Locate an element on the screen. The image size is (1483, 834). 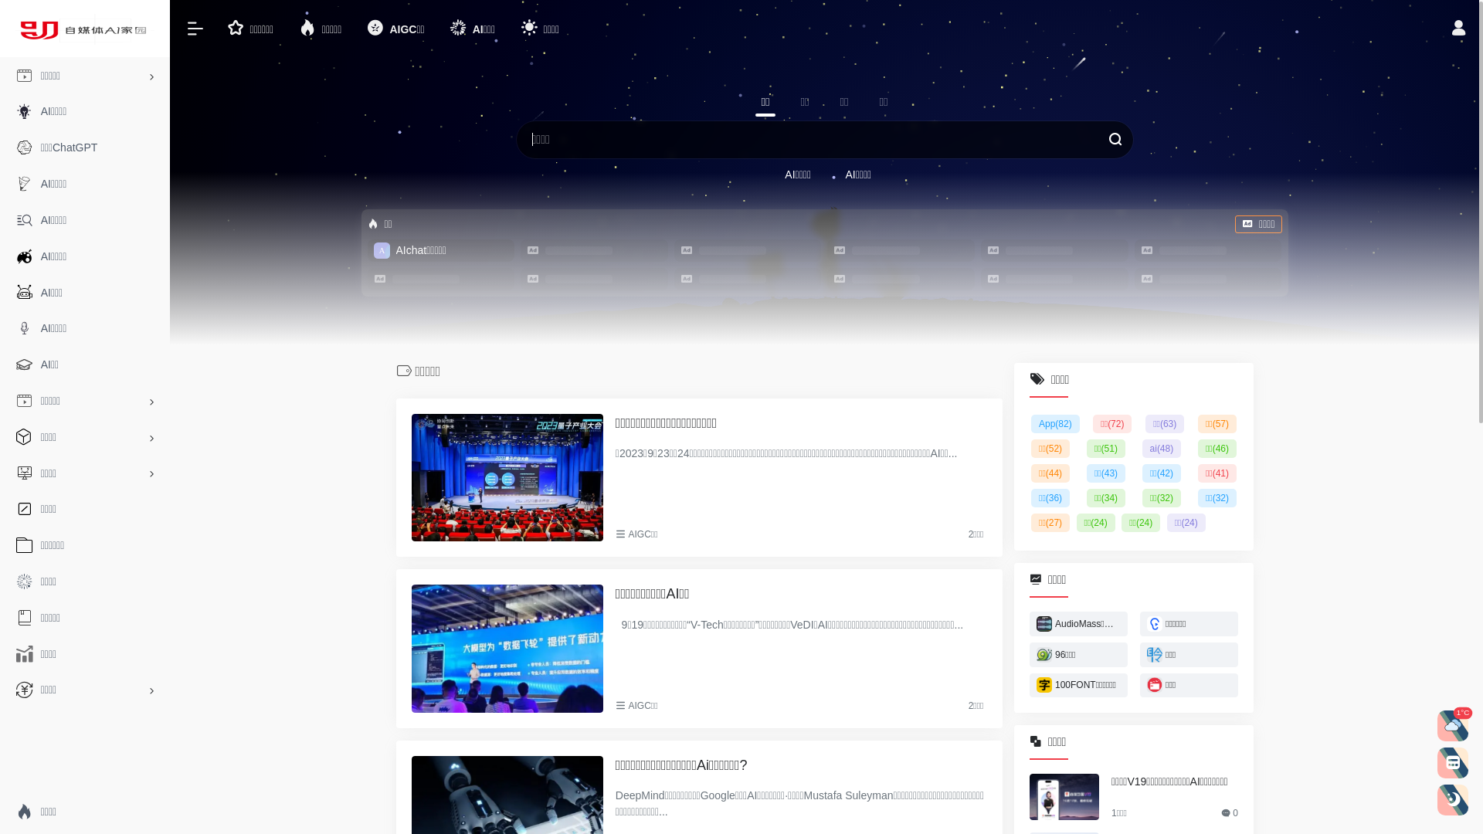
'ai(48)' is located at coordinates (1161, 449).